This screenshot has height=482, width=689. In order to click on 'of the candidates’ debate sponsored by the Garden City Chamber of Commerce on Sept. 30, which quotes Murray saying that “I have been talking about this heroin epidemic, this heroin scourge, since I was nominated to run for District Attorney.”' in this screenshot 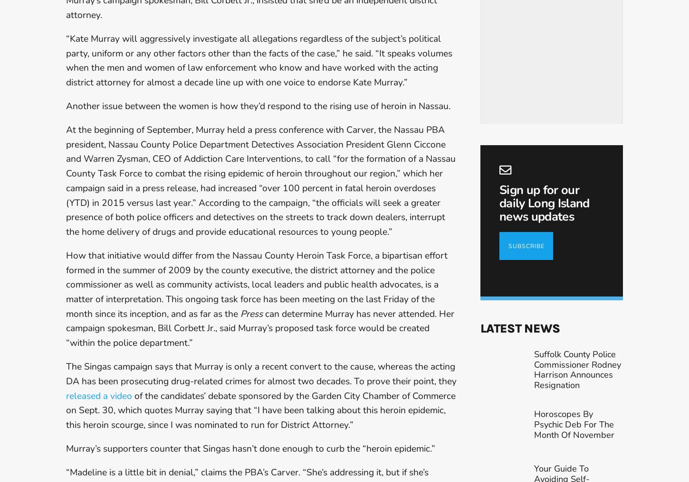, I will do `click(260, 410)`.